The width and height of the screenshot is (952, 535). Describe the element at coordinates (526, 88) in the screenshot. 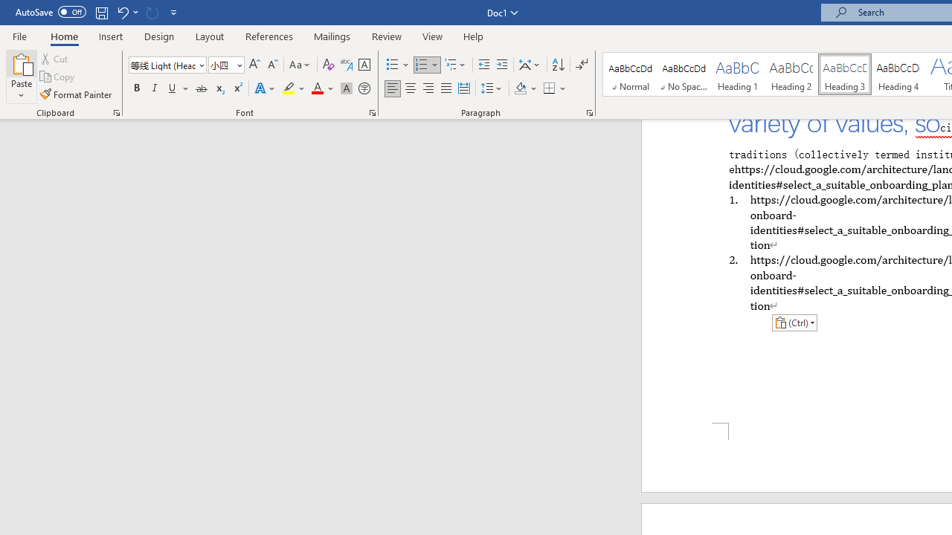

I see `'Shading'` at that location.